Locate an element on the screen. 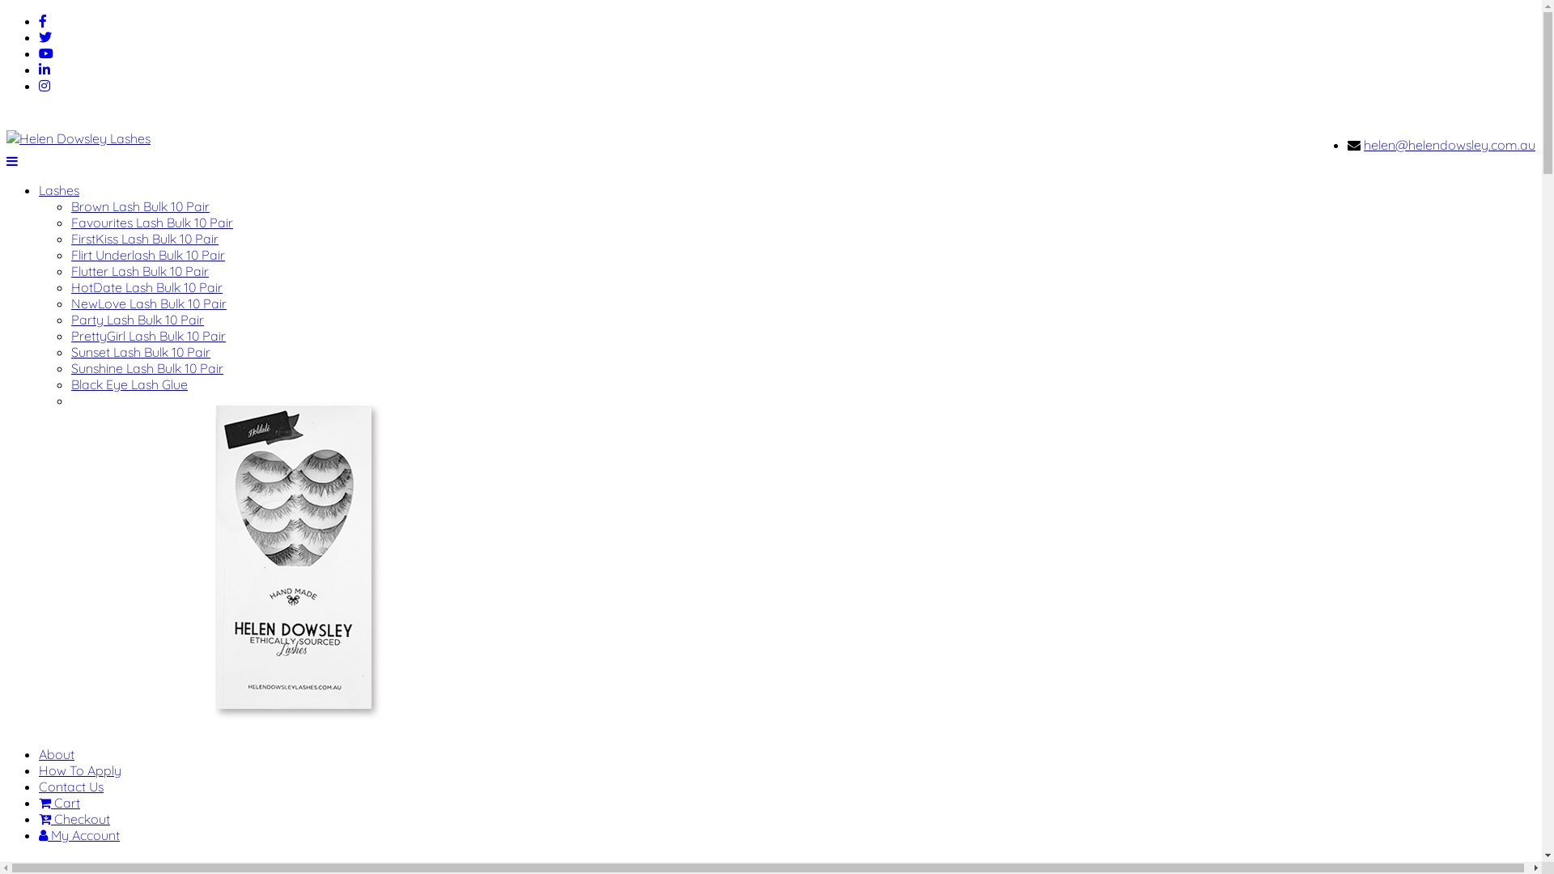 The height and width of the screenshot is (874, 1554). 'Brown Lash Bulk 10 Pair' is located at coordinates (70, 205).